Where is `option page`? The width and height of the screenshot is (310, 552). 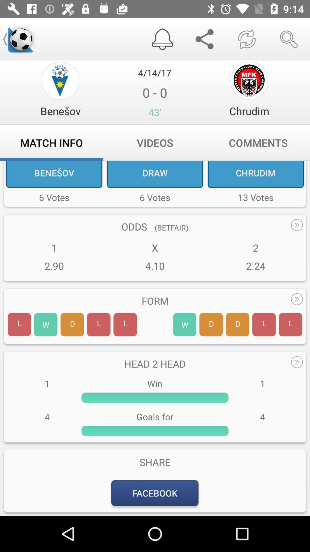
option page is located at coordinates (60, 80).